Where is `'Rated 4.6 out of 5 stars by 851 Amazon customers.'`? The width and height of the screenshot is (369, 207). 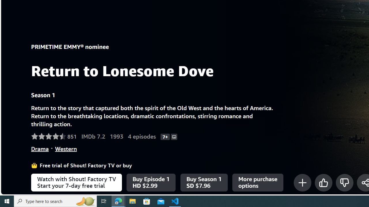 'Rated 4.6 out of 5 stars by 851 Amazon customers.' is located at coordinates (54, 137).